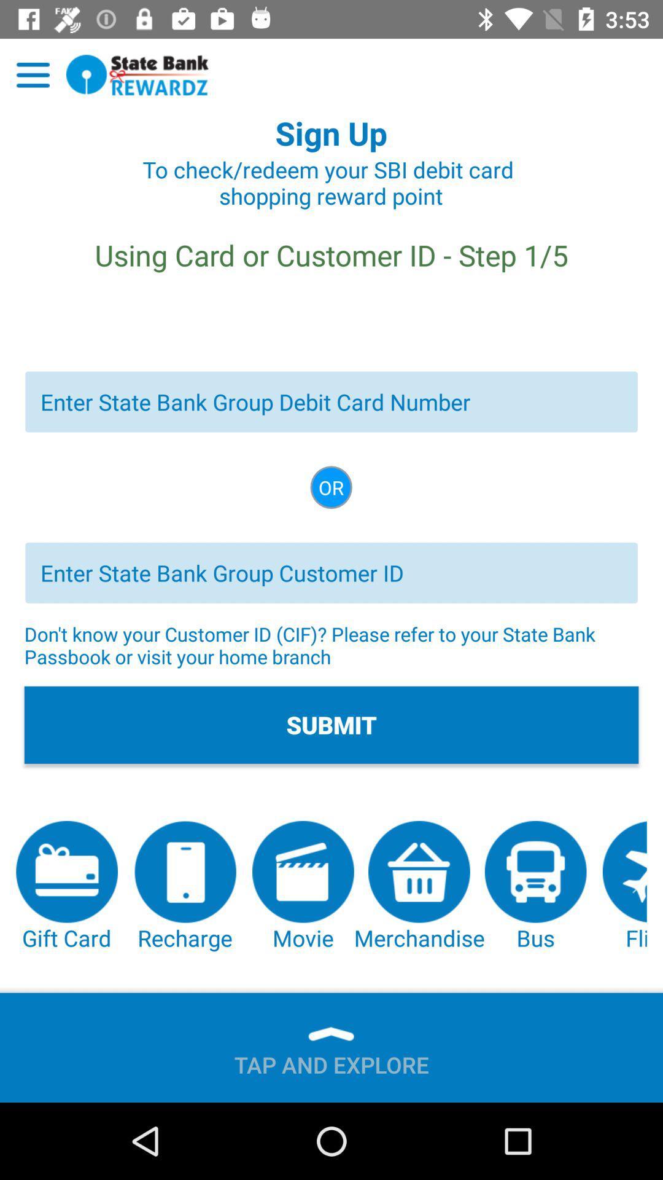 This screenshot has height=1180, width=663. Describe the element at coordinates (331, 401) in the screenshot. I see `state bank group debit card number` at that location.